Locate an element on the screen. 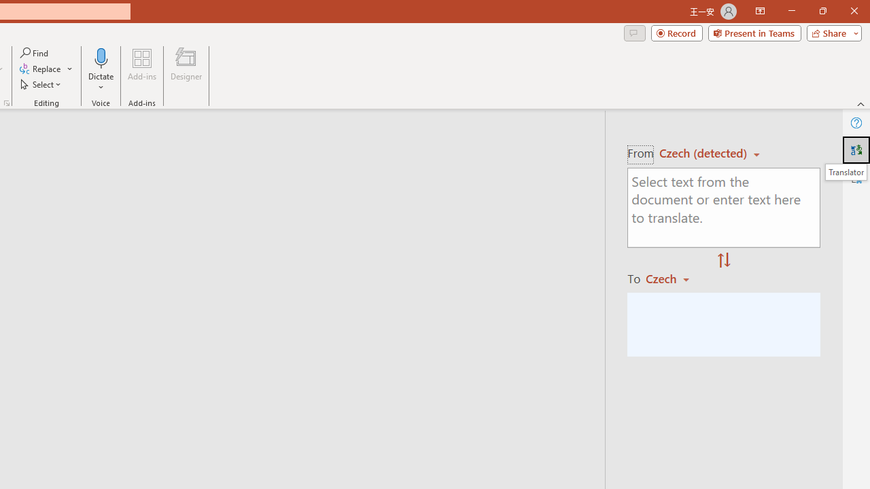 This screenshot has height=489, width=870. 'Collapse the Ribbon' is located at coordinates (860, 103).